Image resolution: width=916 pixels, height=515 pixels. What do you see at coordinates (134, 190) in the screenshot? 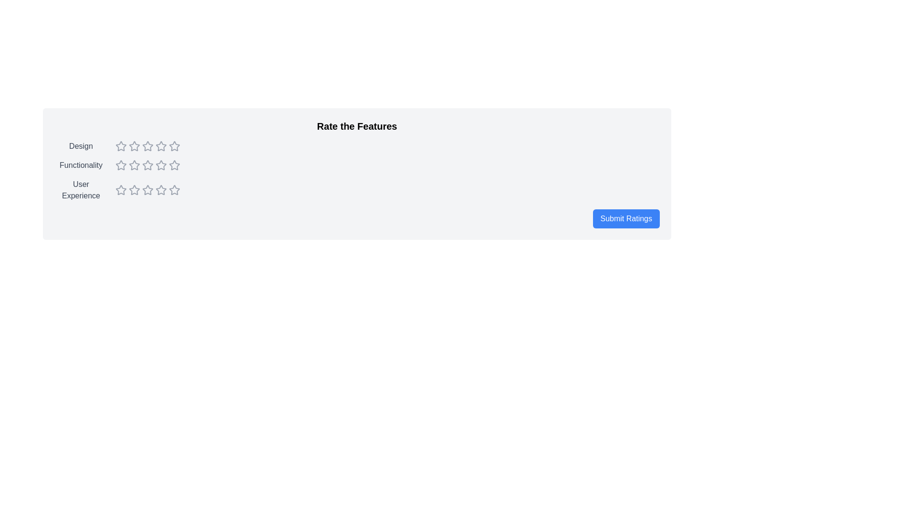
I see `the second star icon for the 'User Experience' rating to change the rating` at bounding box center [134, 190].